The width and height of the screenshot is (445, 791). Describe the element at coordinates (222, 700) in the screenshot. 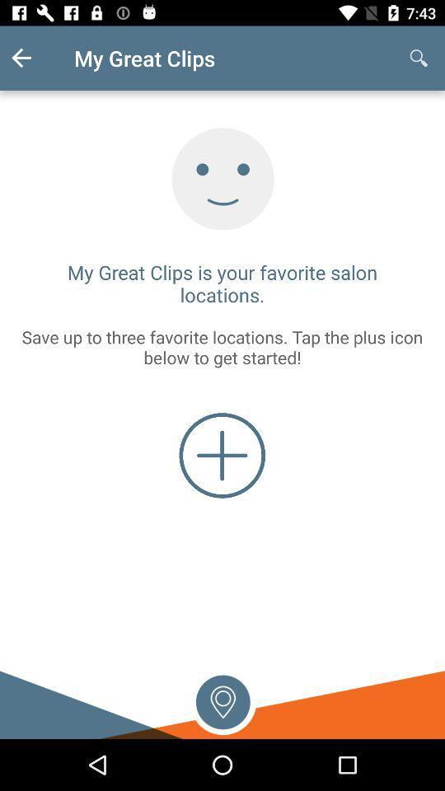

I see `the location option` at that location.